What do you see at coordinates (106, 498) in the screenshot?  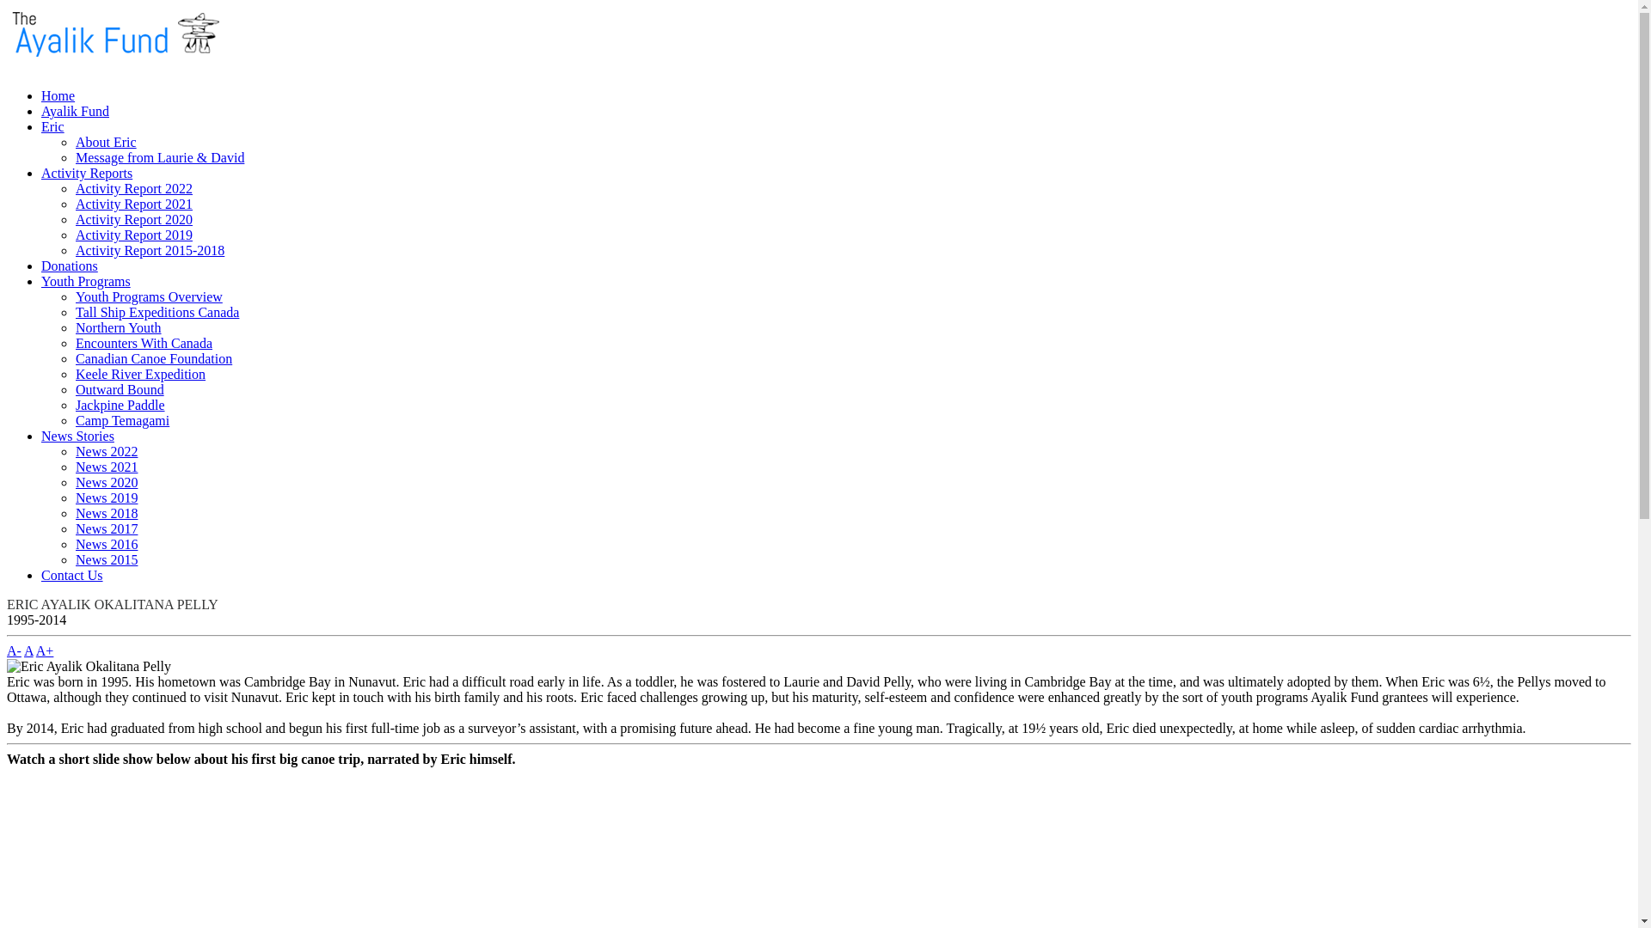 I see `'News 2019'` at bounding box center [106, 498].